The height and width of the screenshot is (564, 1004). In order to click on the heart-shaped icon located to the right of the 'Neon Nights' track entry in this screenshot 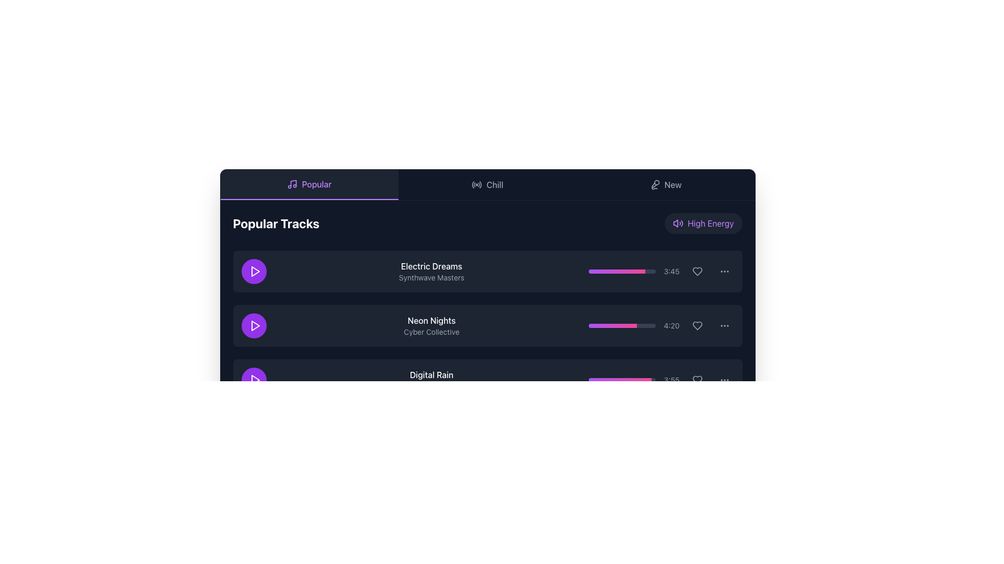, I will do `click(697, 325)`.